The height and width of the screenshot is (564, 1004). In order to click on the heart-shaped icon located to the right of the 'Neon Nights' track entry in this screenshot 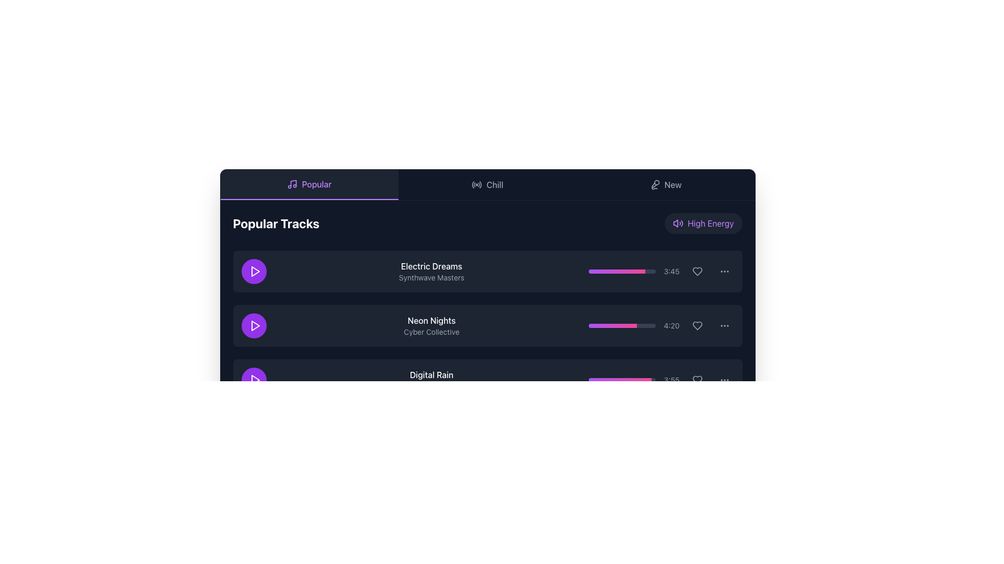, I will do `click(697, 325)`.